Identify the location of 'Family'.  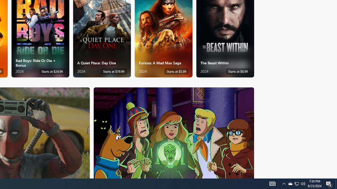
(174, 132).